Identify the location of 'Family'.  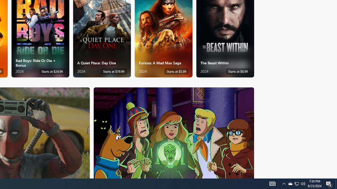
(174, 132).